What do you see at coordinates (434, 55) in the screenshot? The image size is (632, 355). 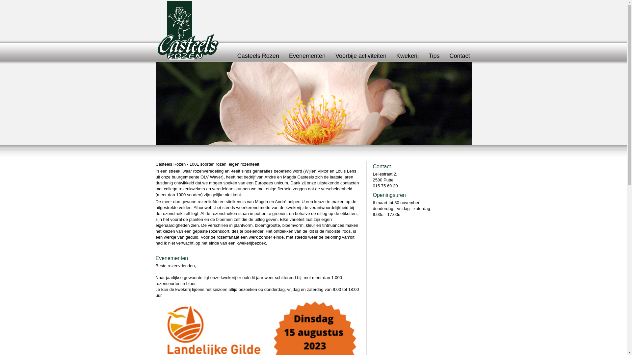 I see `'Tips'` at bounding box center [434, 55].